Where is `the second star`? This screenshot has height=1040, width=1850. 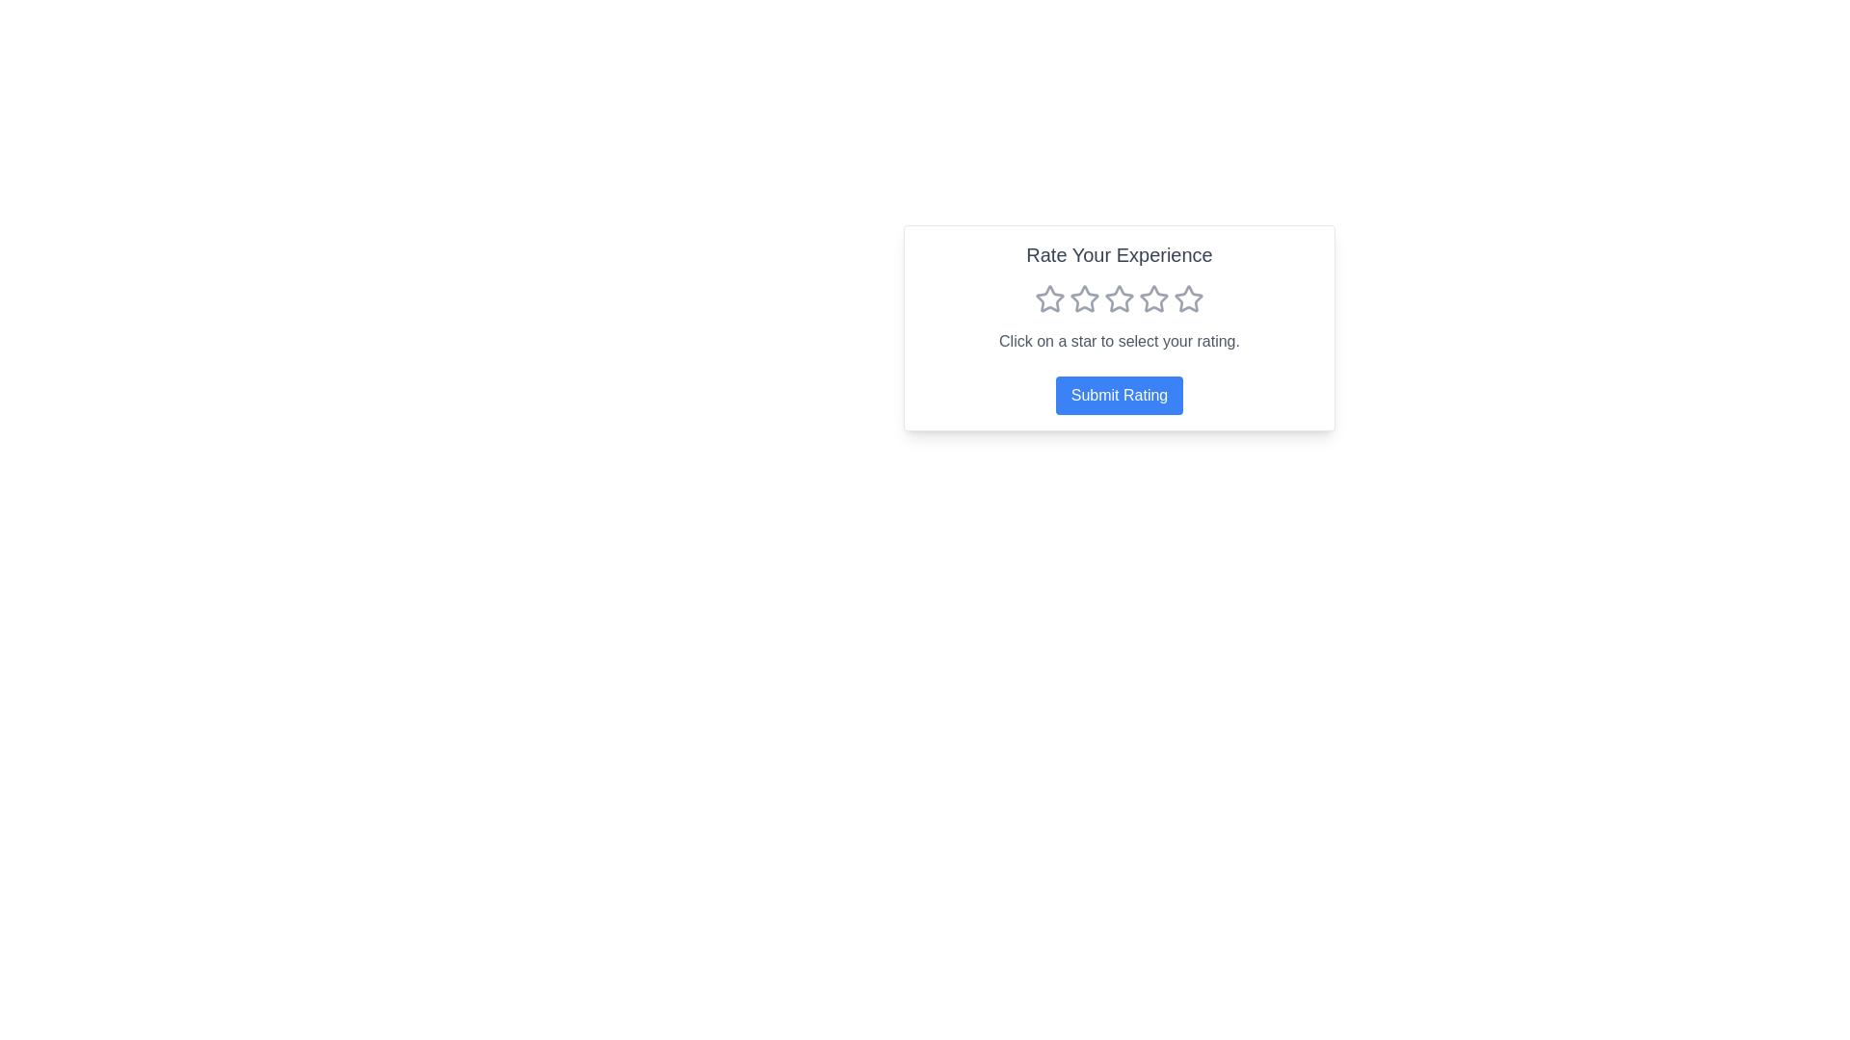
the second star is located at coordinates (1119, 299).